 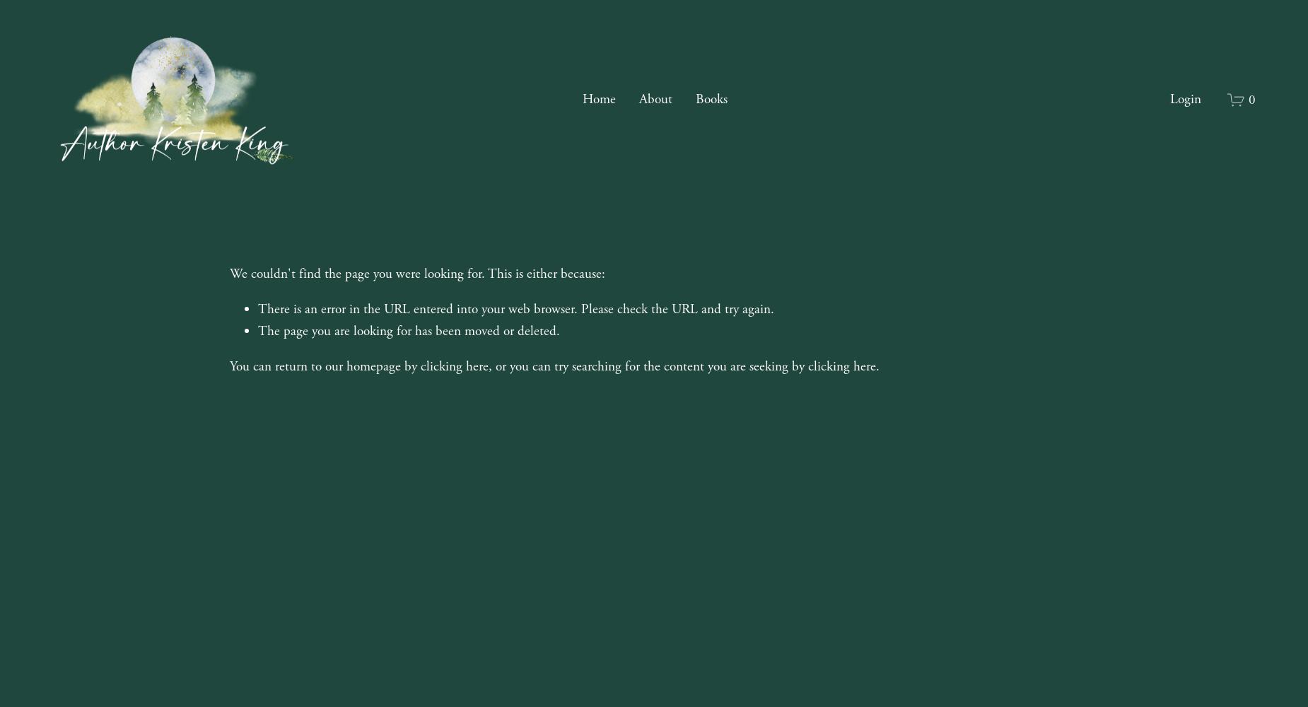 What do you see at coordinates (877, 366) in the screenshot?
I see `'.'` at bounding box center [877, 366].